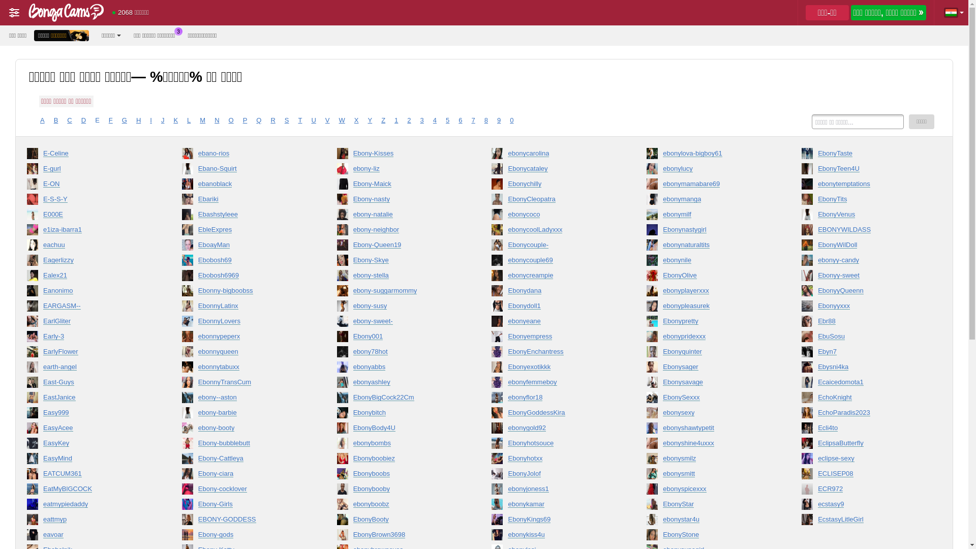 This screenshot has height=549, width=976. What do you see at coordinates (395, 119) in the screenshot?
I see `'1'` at bounding box center [395, 119].